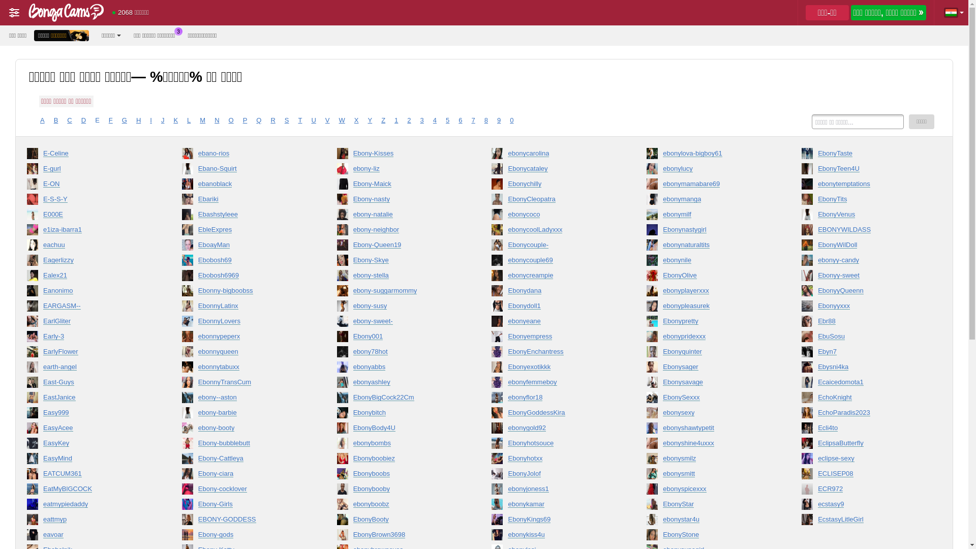 This screenshot has height=549, width=976. What do you see at coordinates (395, 119) in the screenshot?
I see `'1'` at bounding box center [395, 119].